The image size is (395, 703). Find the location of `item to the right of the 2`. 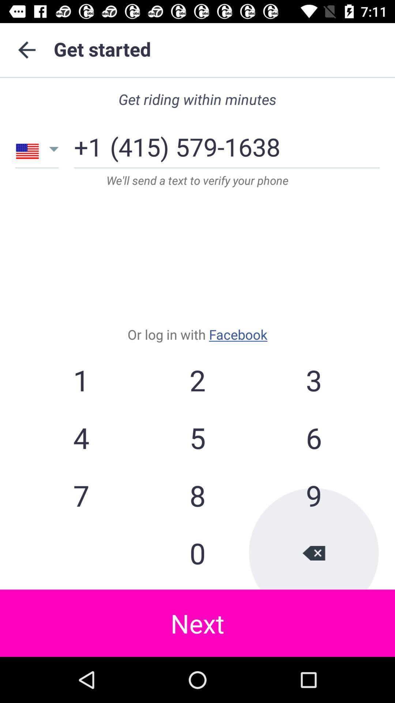

item to the right of the 2 is located at coordinates (313, 438).